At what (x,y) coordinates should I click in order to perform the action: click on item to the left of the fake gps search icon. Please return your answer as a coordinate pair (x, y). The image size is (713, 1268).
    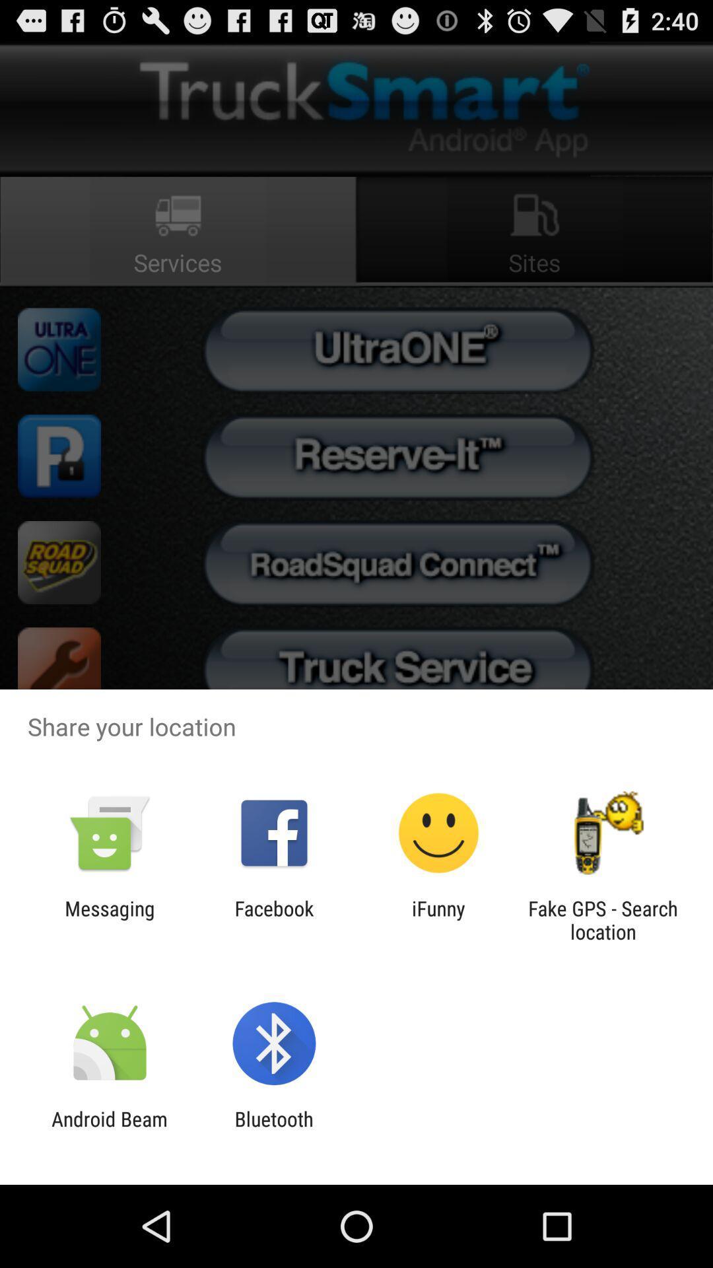
    Looking at the image, I should click on (438, 919).